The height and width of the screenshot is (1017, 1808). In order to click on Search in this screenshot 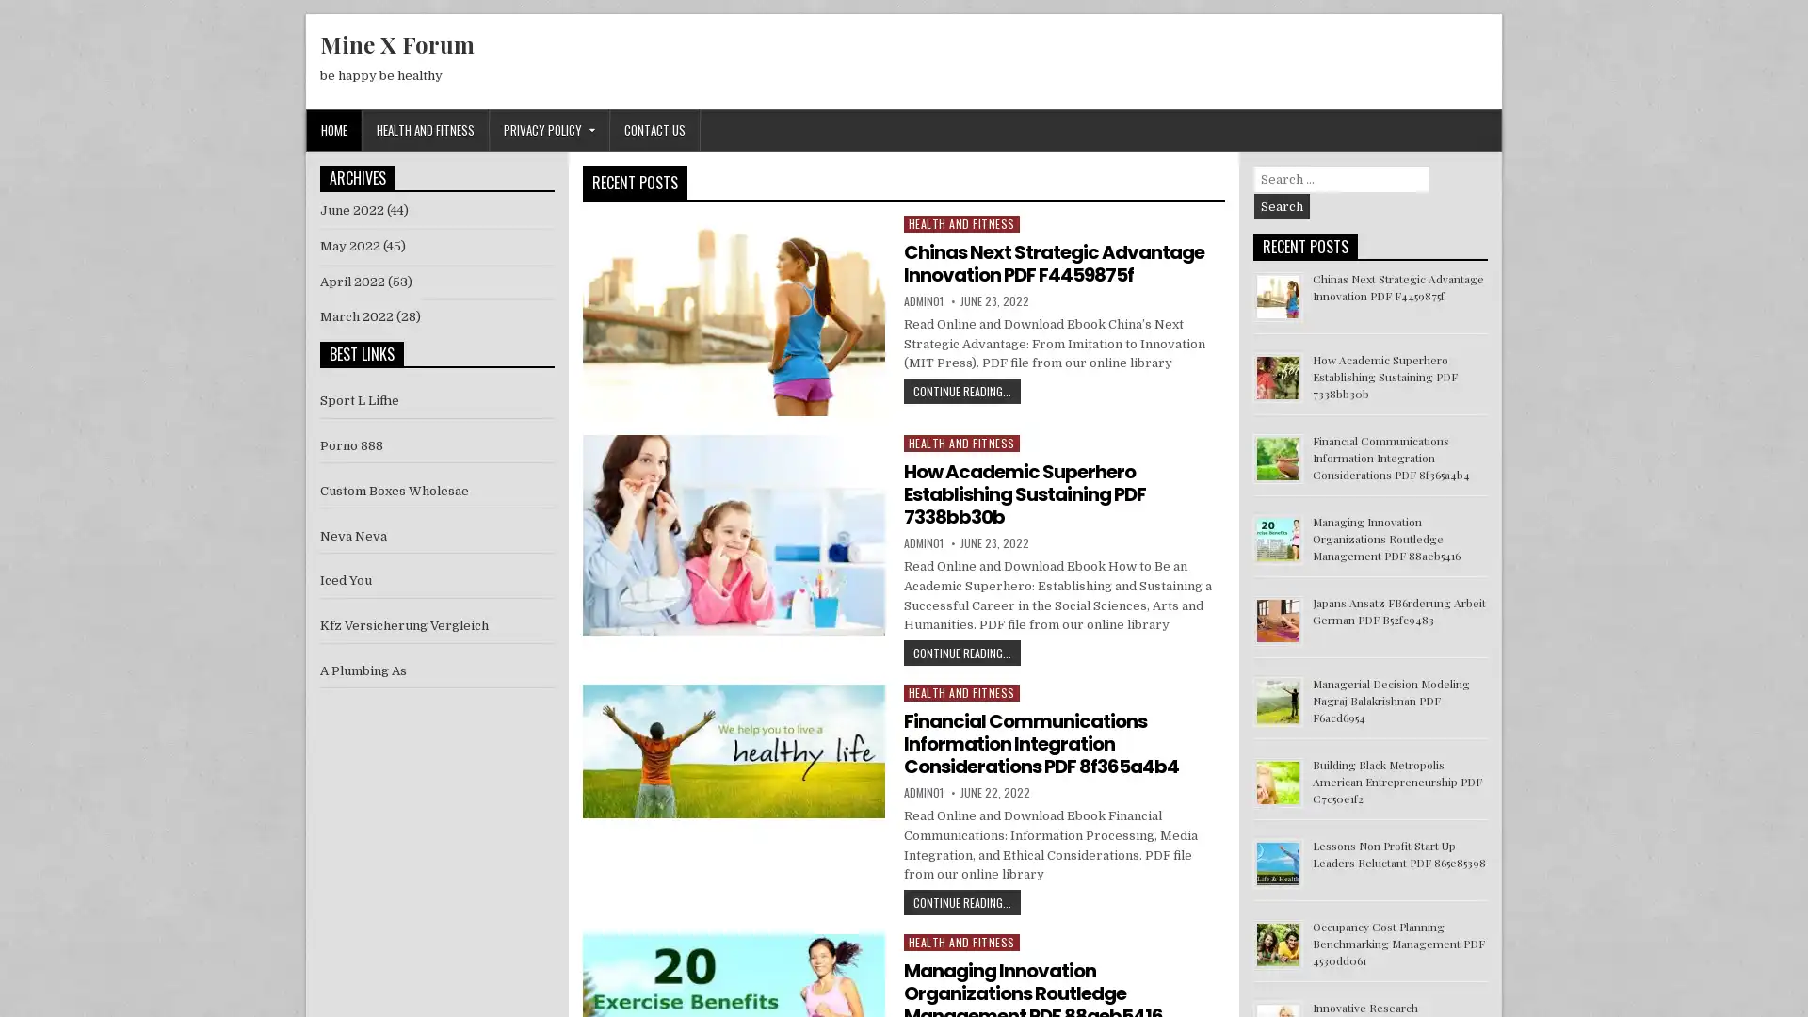, I will do `click(1281, 206)`.